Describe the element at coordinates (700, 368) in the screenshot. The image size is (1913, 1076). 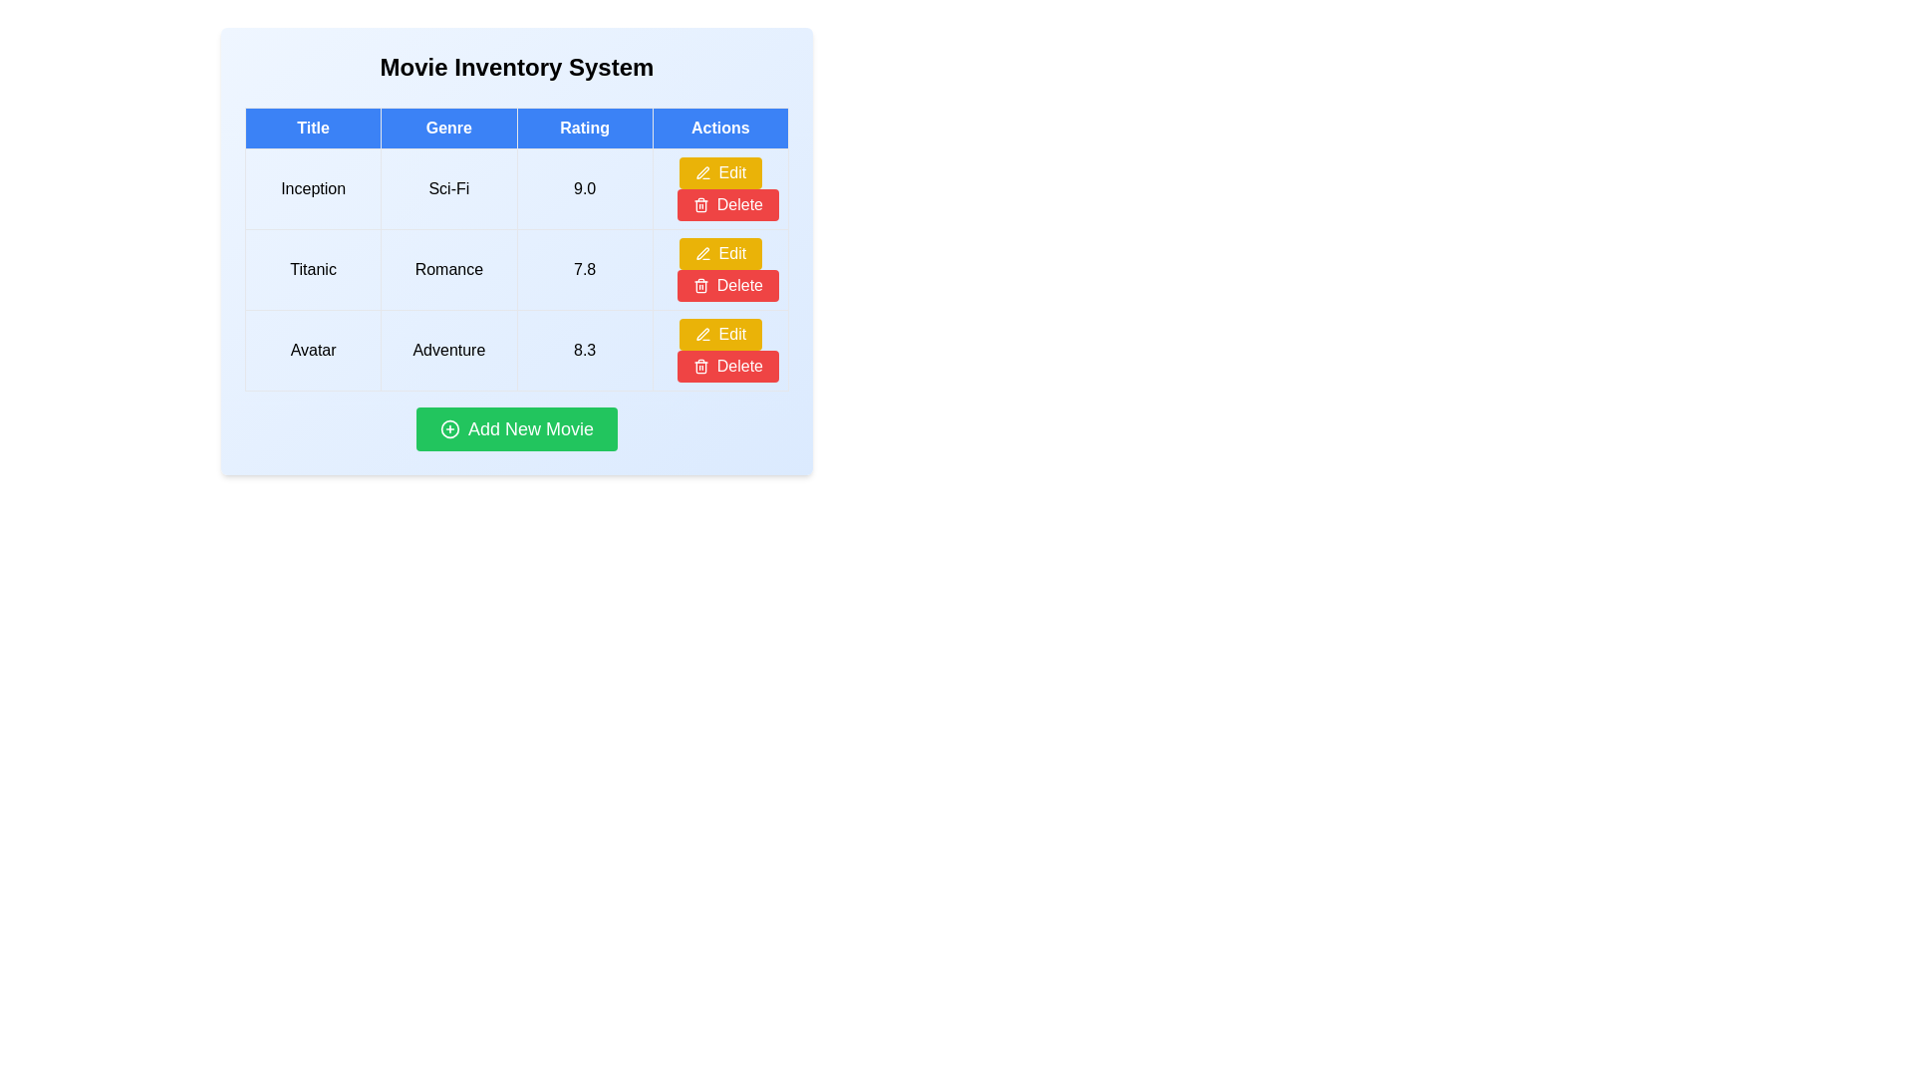
I see `the trash bin icon in the 'Actions' column of the third row in the table, which signifies a delete action` at that location.